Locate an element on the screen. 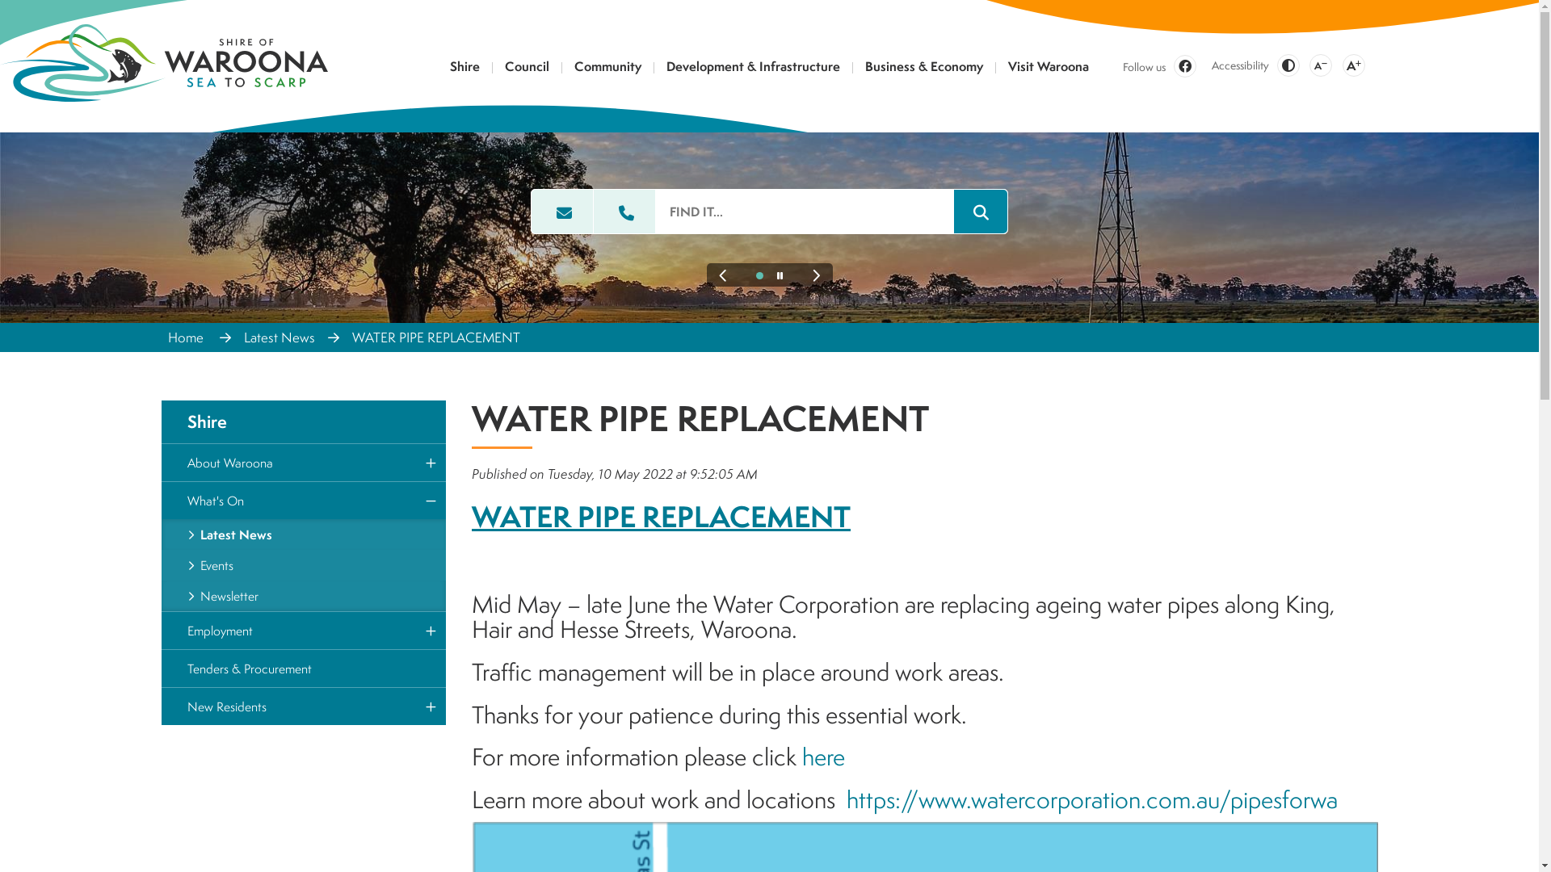 This screenshot has width=1551, height=872. 'Pause this Slideshow' is located at coordinates (780, 275).